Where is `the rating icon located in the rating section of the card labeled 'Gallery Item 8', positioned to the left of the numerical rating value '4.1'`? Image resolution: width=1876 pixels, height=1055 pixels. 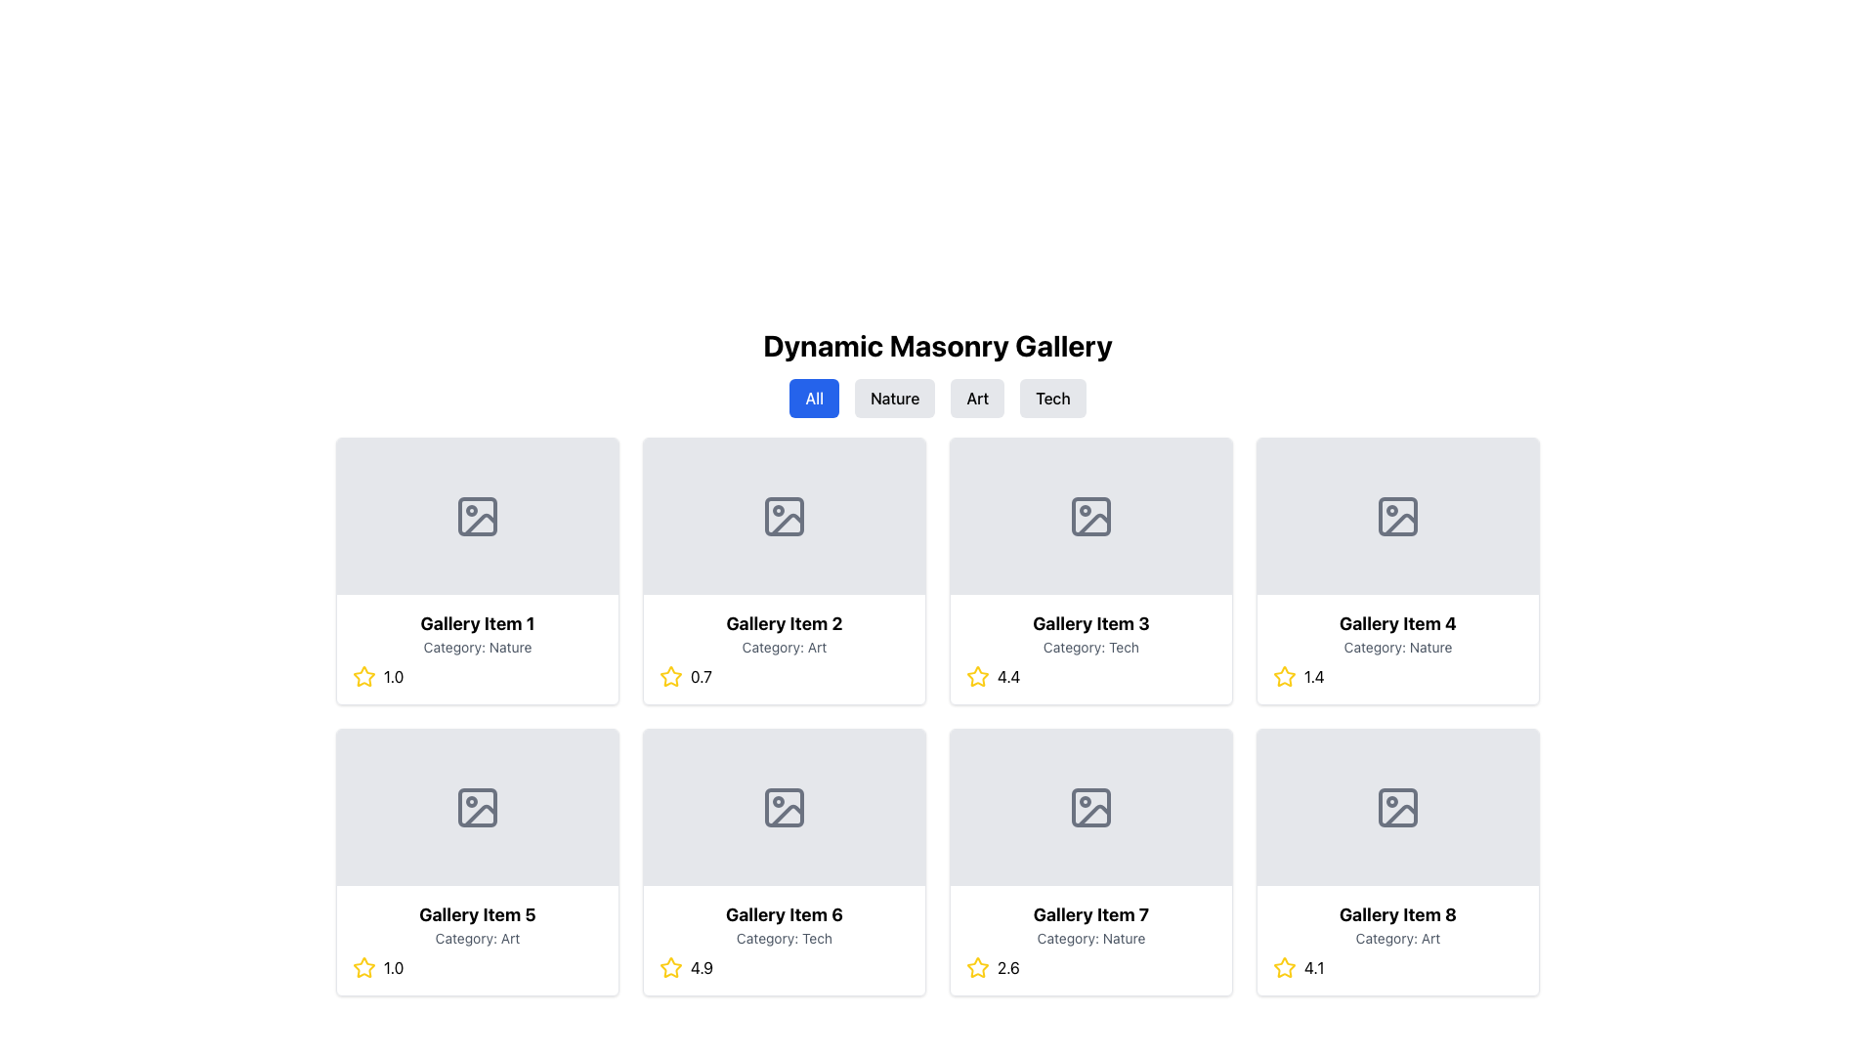 the rating icon located in the rating section of the card labeled 'Gallery Item 8', positioned to the left of the numerical rating value '4.1' is located at coordinates (1285, 967).